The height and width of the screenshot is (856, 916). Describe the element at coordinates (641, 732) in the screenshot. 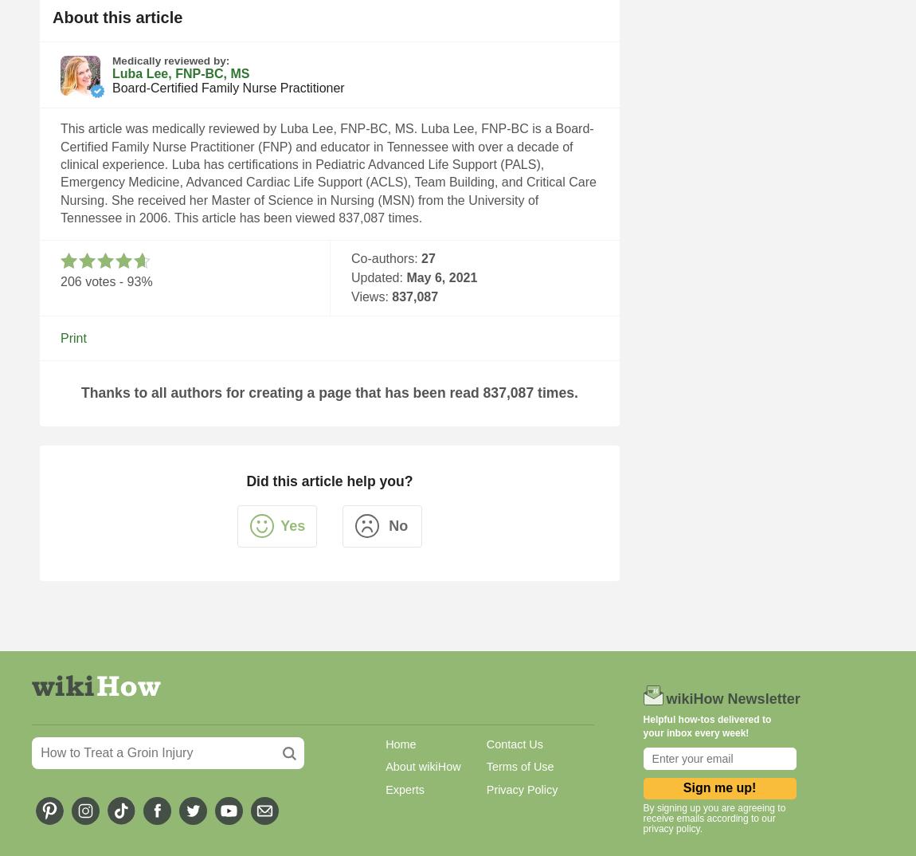

I see `'your inbox every week!'` at that location.